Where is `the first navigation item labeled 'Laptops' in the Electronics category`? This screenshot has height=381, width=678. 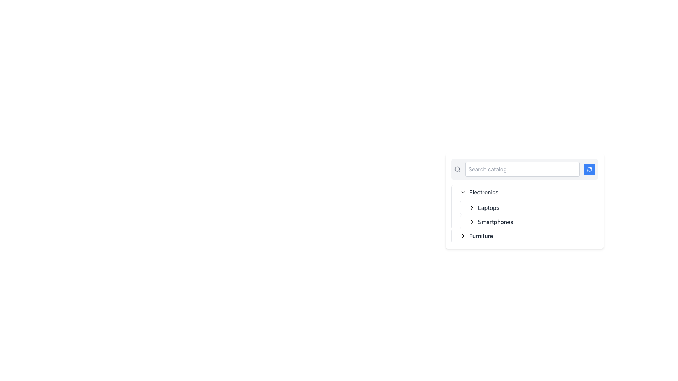
the first navigation item labeled 'Laptops' in the Electronics category is located at coordinates (529, 207).